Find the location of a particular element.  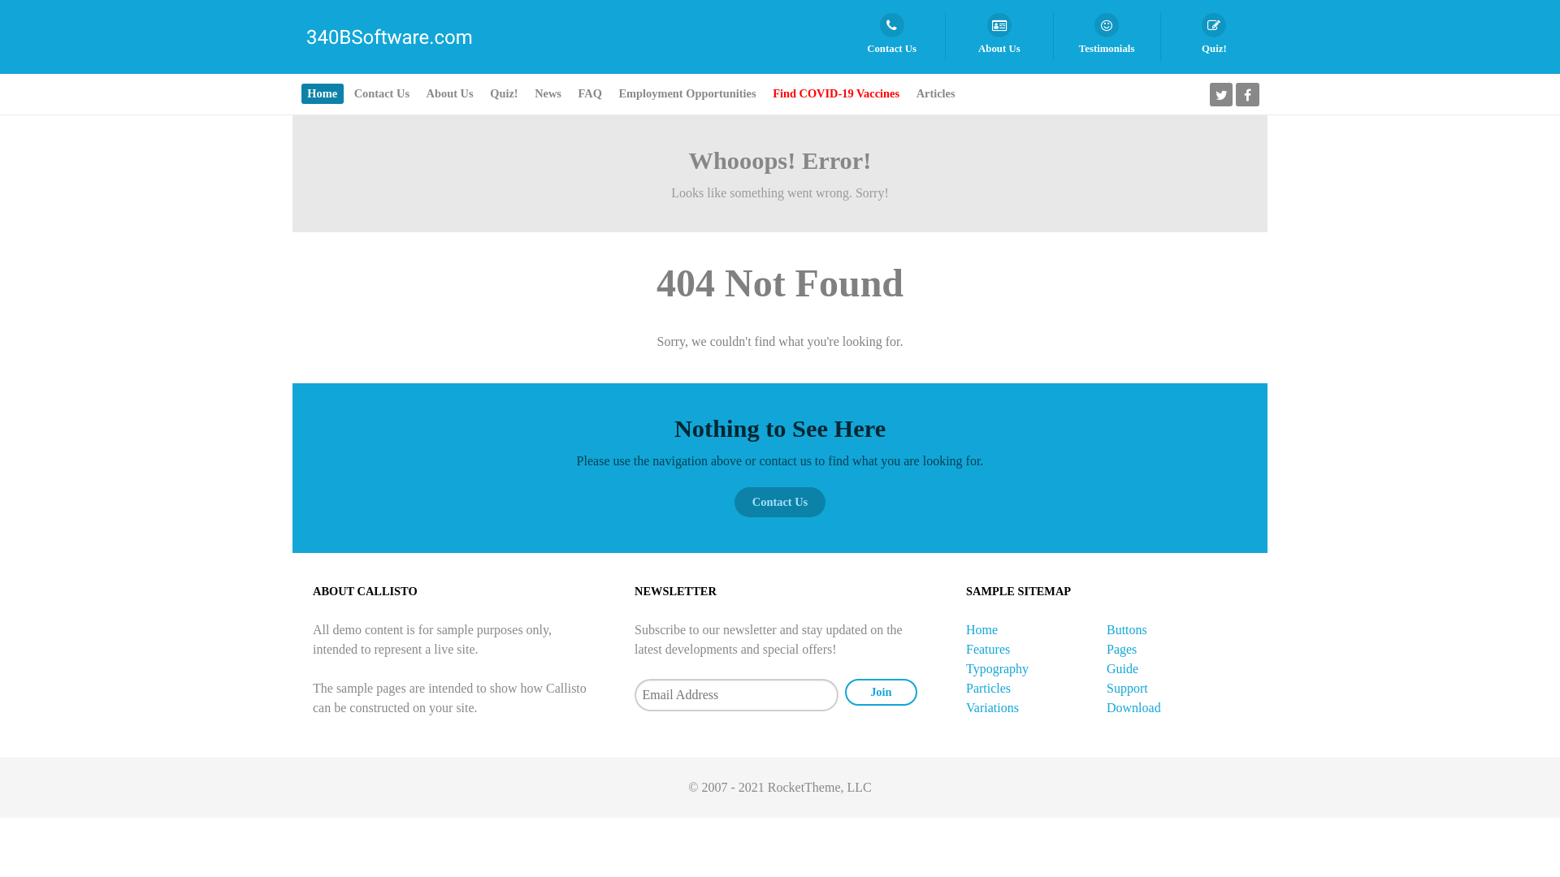

'Variations' is located at coordinates (991, 706).